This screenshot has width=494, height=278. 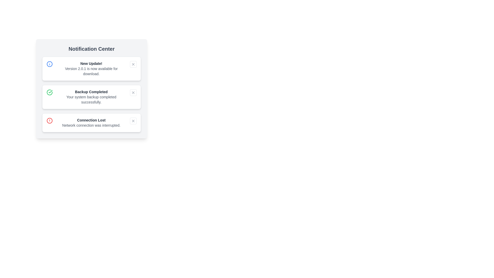 I want to click on the circular icon with a thin stroke located to the left of the title and description text in the topmost notification item of the Notification Center interface, so click(x=49, y=64).